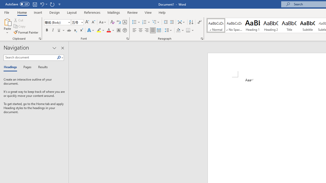 The height and width of the screenshot is (183, 326). What do you see at coordinates (26, 32) in the screenshot?
I see `'Format Painter'` at bounding box center [26, 32].